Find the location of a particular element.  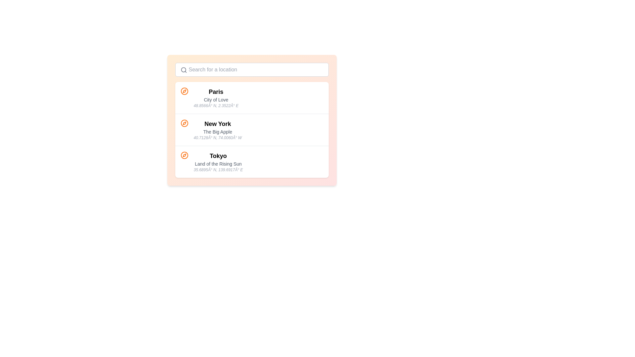

the decorative icon representing the city 'Paris', which is the first icon in a vertical list of city names and descriptions, located to the left of the text 'Paris' is located at coordinates (184, 91).